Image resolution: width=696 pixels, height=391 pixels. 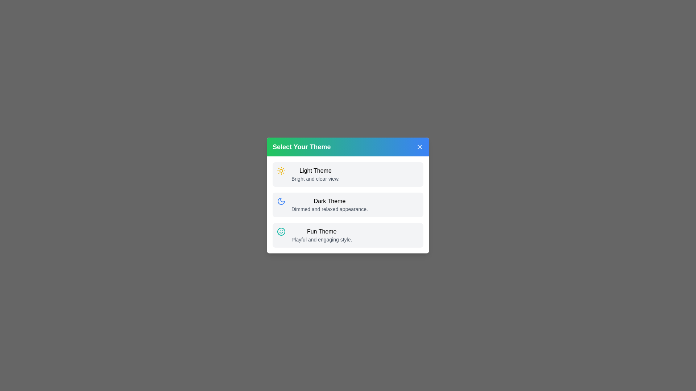 What do you see at coordinates (419, 147) in the screenshot?
I see `the close button to close the dialog` at bounding box center [419, 147].